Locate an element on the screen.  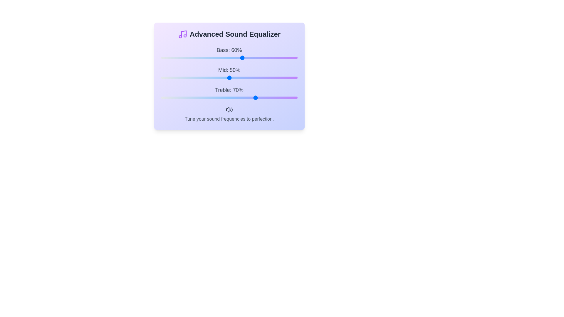
the treble slider to 87% is located at coordinates (279, 97).